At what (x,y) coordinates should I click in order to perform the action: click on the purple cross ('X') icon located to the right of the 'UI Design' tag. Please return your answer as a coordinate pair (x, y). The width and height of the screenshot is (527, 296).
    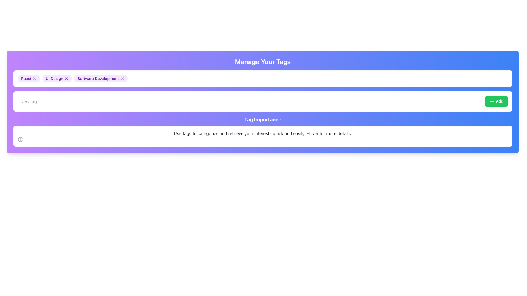
    Looking at the image, I should click on (66, 78).